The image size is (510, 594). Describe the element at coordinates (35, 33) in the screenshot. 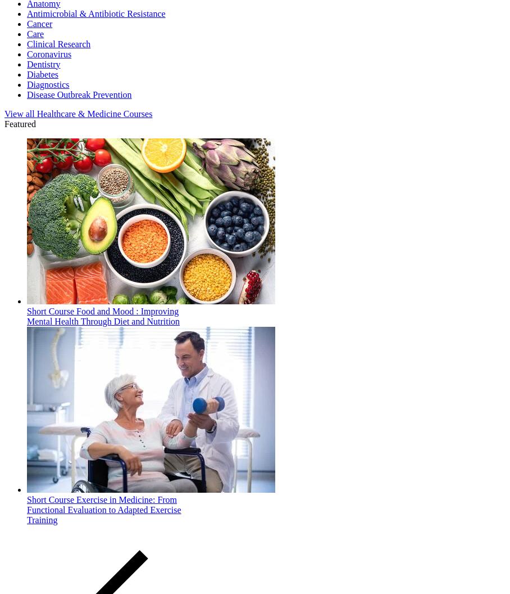

I see `'Care'` at that location.